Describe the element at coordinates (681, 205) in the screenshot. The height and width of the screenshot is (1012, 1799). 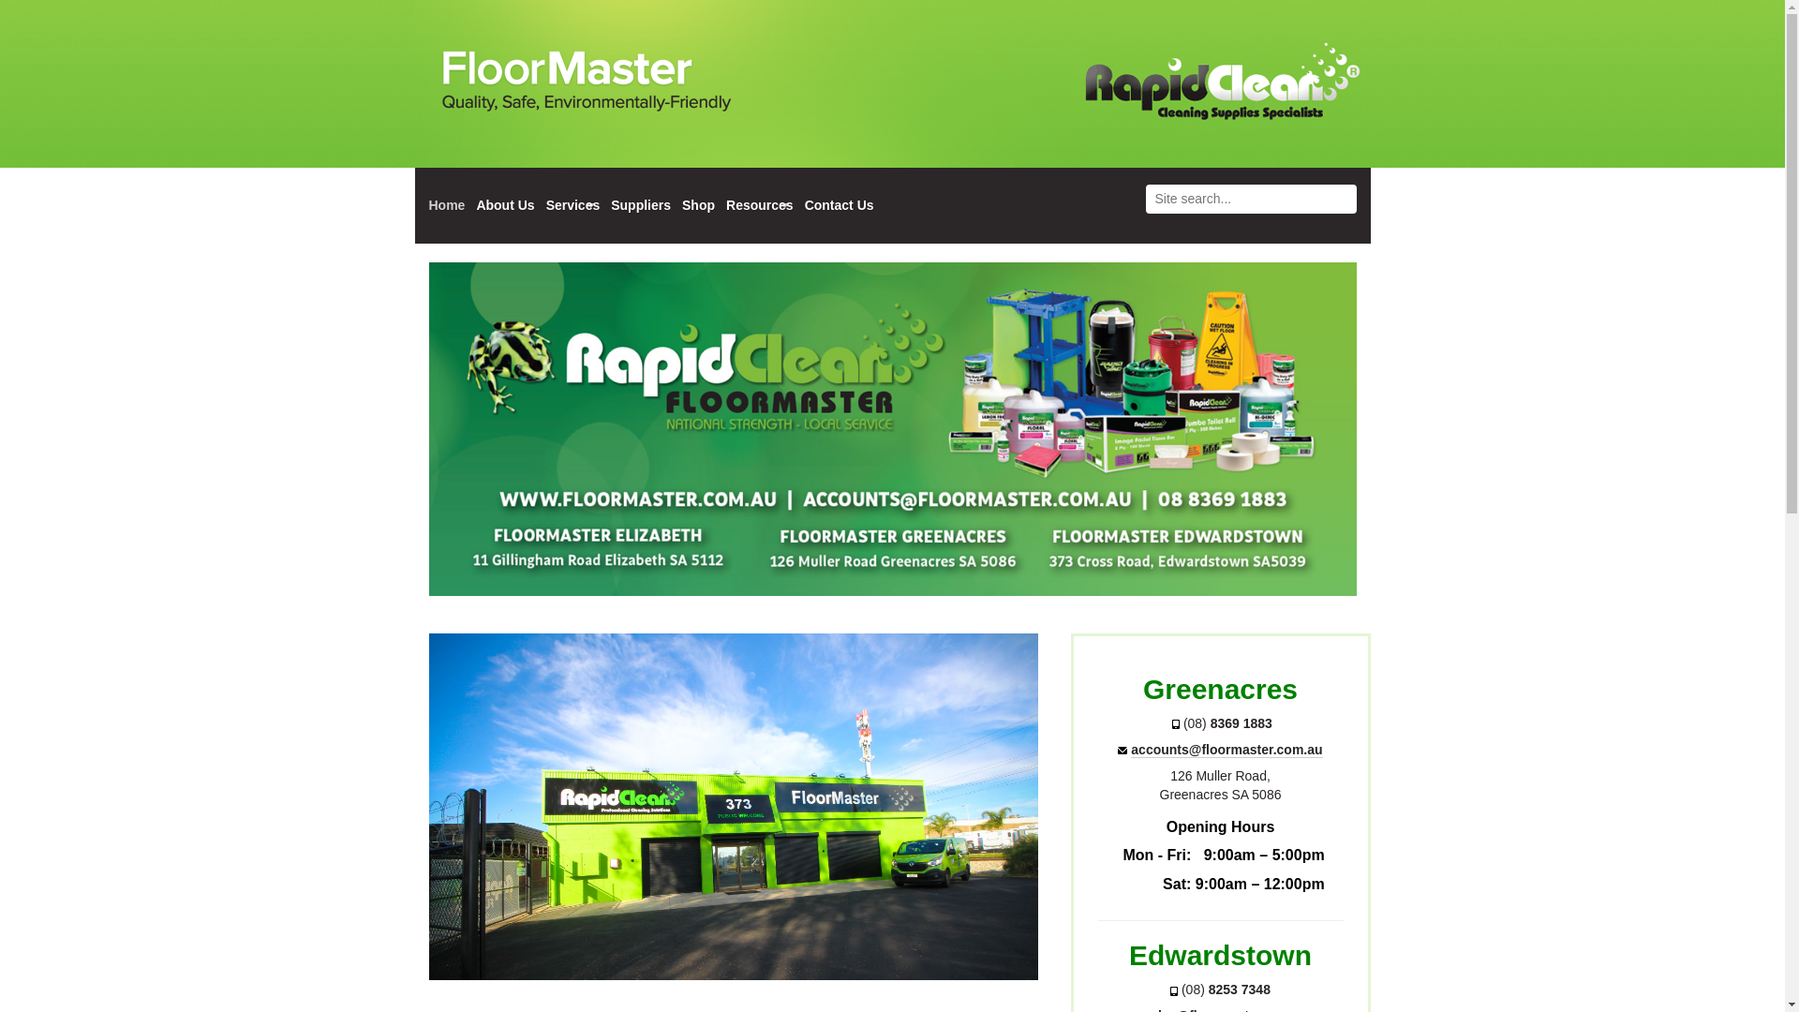
I see `'Shop'` at that location.